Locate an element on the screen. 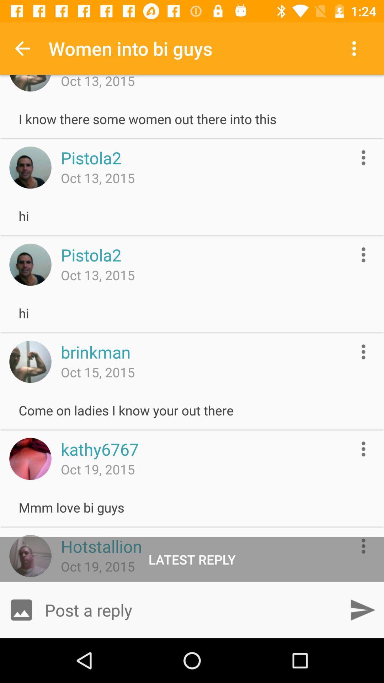  the item above the oct 19, 2015 icon is located at coordinates (101, 546).